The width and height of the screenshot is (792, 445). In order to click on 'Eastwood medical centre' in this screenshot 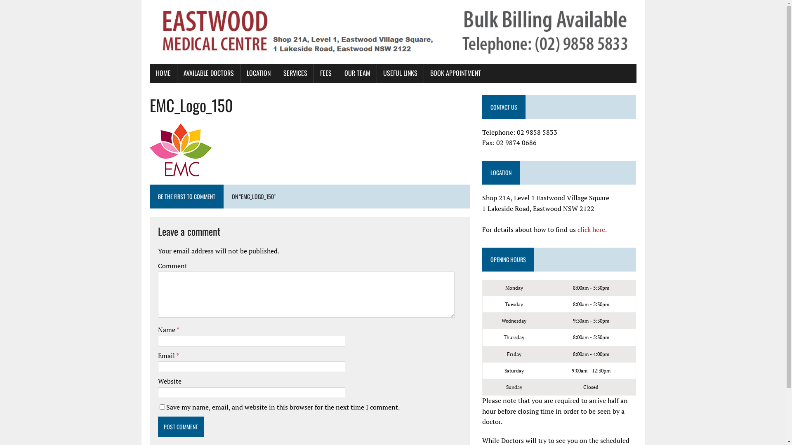, I will do `click(392, 31)`.